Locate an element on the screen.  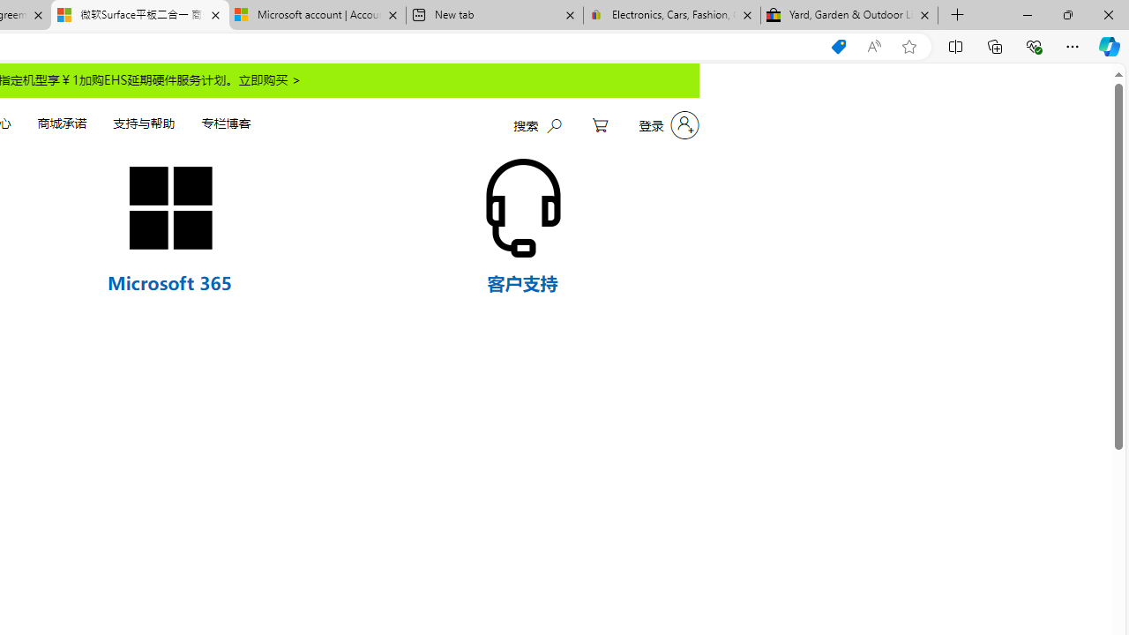
'Shopping in Microsoft Edge' is located at coordinates (838, 46).